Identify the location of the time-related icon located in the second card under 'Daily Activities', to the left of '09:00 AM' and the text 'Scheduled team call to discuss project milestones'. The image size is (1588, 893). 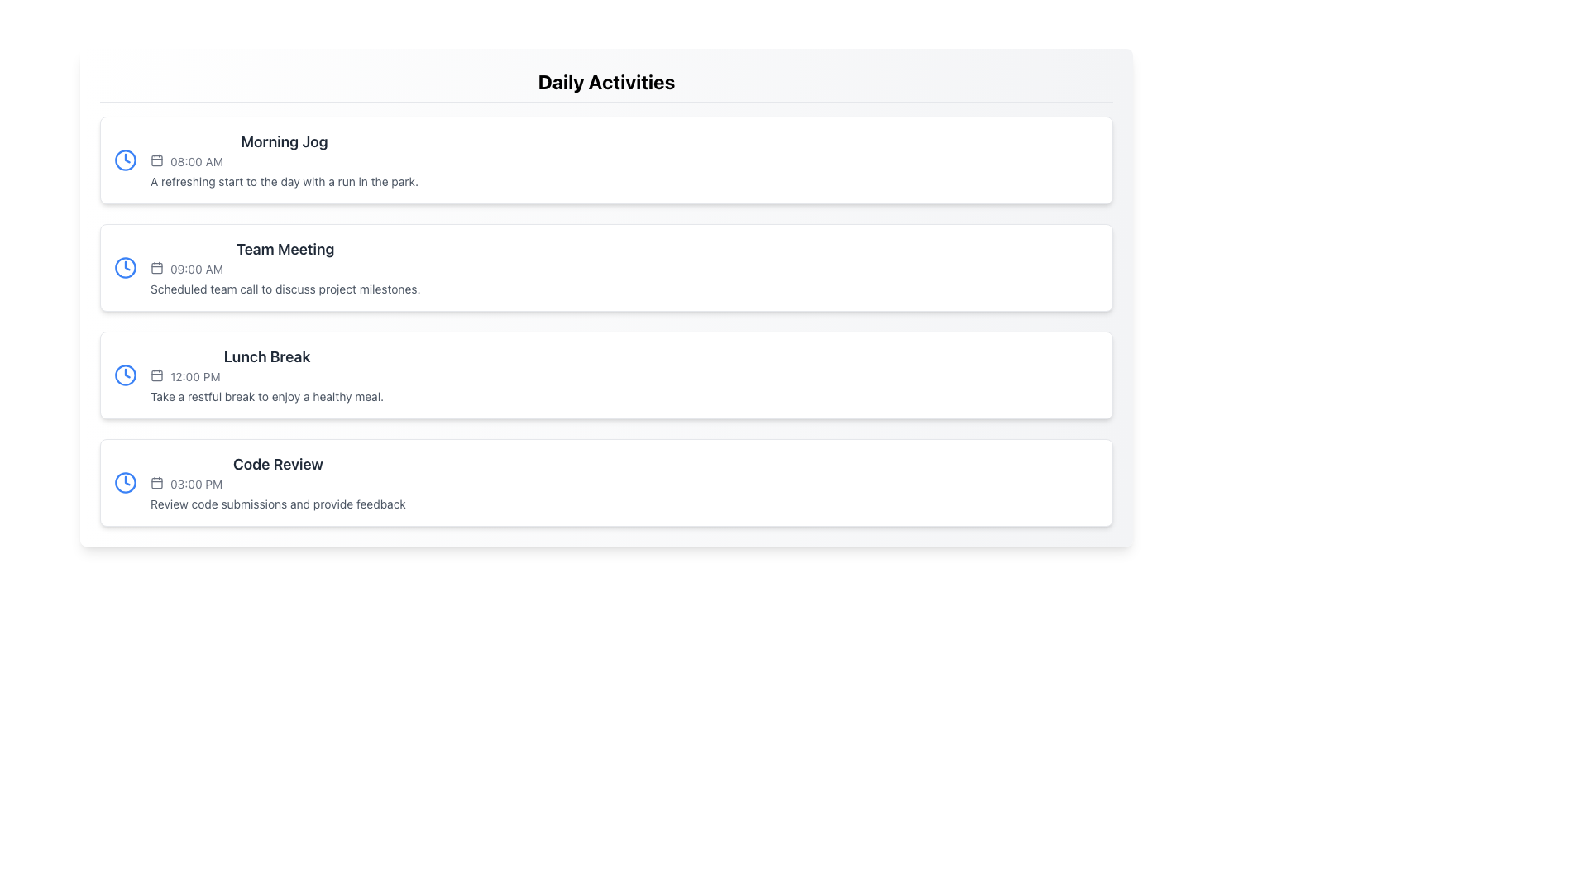
(125, 267).